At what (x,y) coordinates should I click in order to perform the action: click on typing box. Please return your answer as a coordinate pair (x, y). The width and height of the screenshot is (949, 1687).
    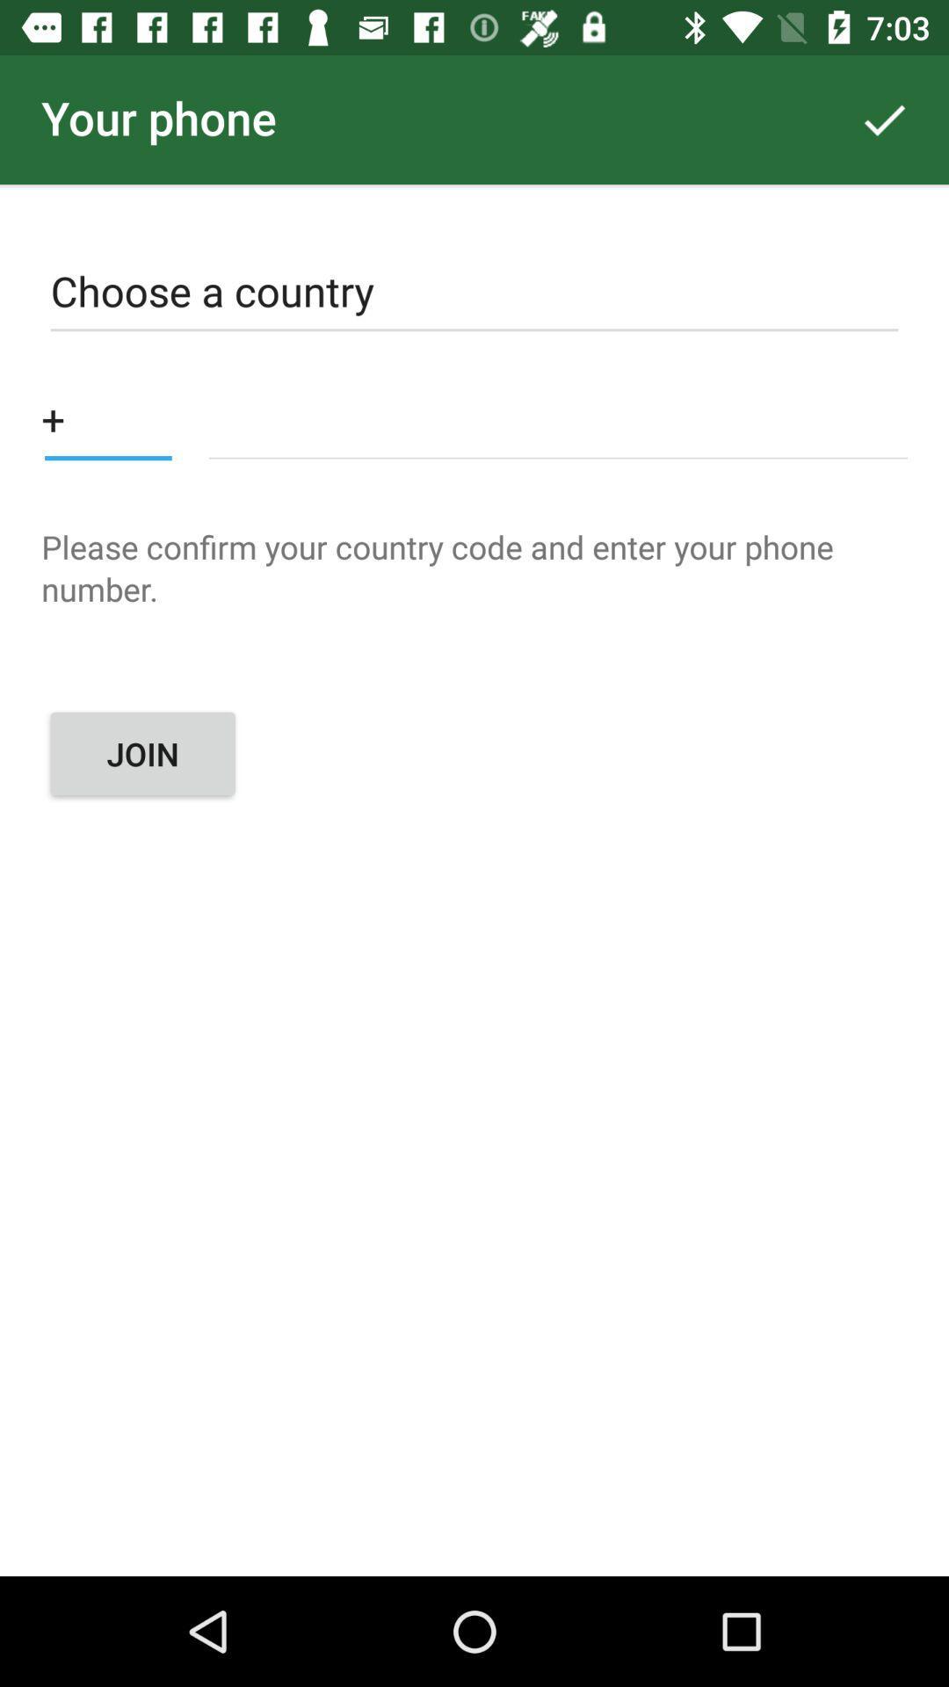
    Looking at the image, I should click on (558, 417).